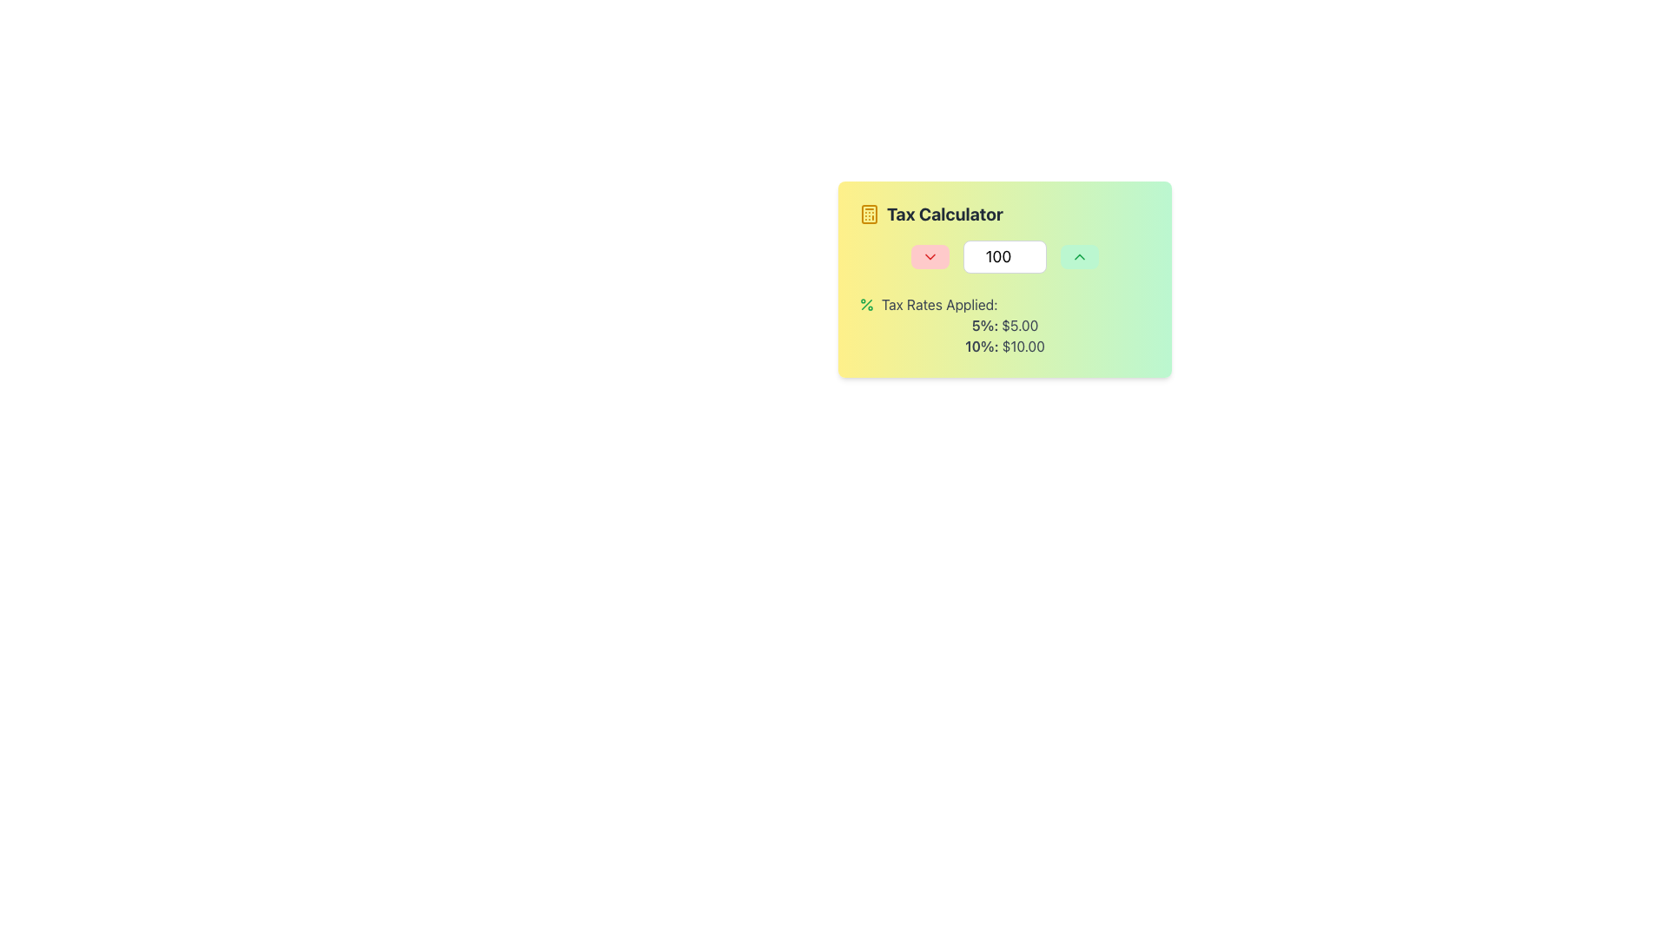  I want to click on the text label displaying the 10% tax rate and its monetary value, located below the '5%: $5.00' text in the bottom-left section of the calculator interface, so click(1004, 346).